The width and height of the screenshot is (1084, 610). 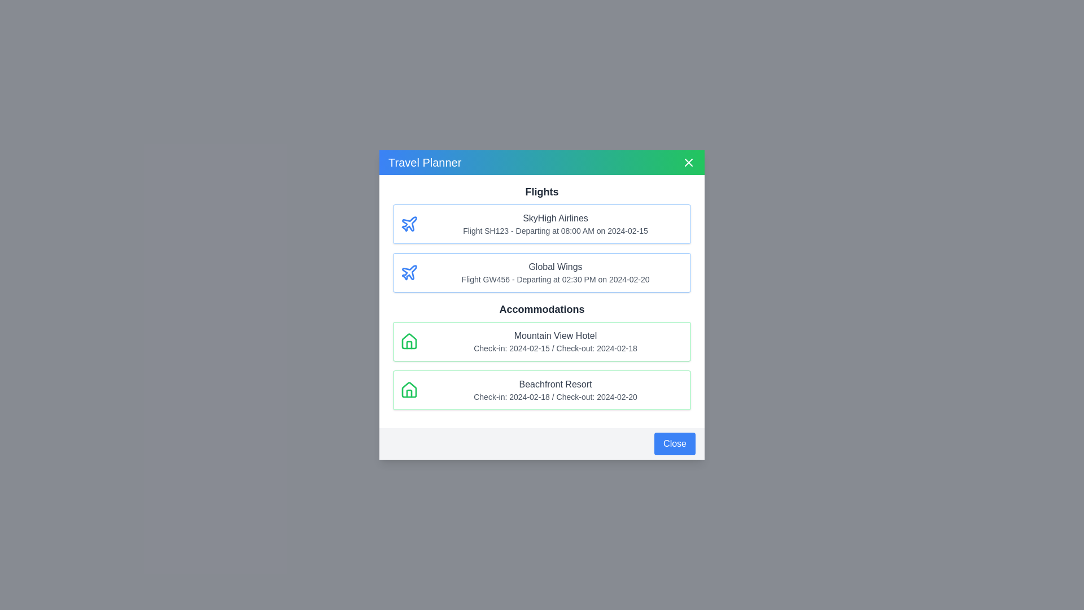 What do you see at coordinates (409, 272) in the screenshot?
I see `the blue minimalist plane icon located in the top left area of the 'SkyHigh Airlines' card to focus on the card content` at bounding box center [409, 272].